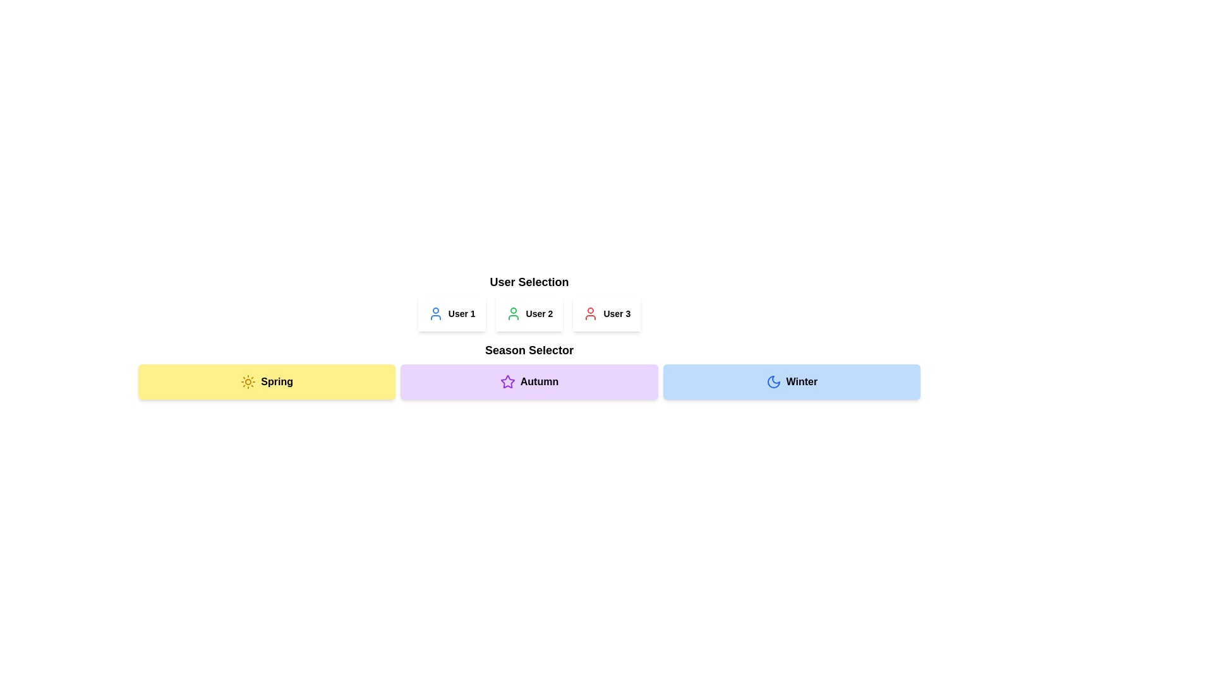  Describe the element at coordinates (507, 381) in the screenshot. I see `the star-shaped icon with a purple outline located in the 'Autumn' section of the Season Selector` at that location.